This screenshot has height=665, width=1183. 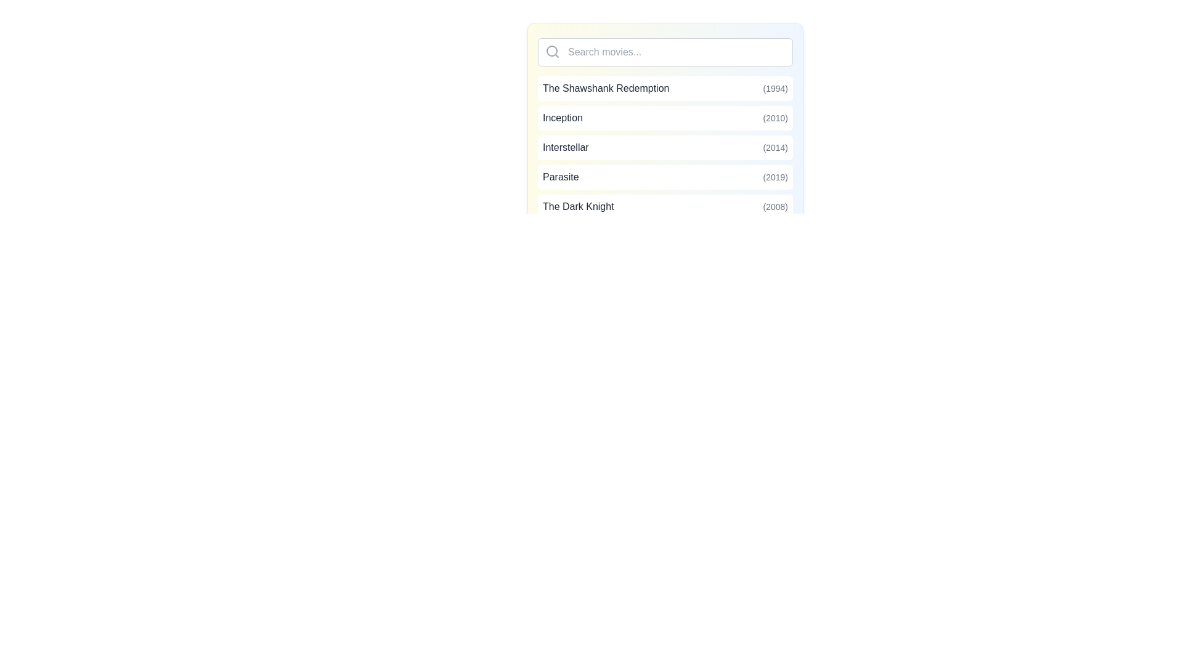 I want to click on the label displaying the year '(1994)', which is positioned at the right end of the row for the movie title 'The Shawshank Redemption', so click(x=774, y=87).